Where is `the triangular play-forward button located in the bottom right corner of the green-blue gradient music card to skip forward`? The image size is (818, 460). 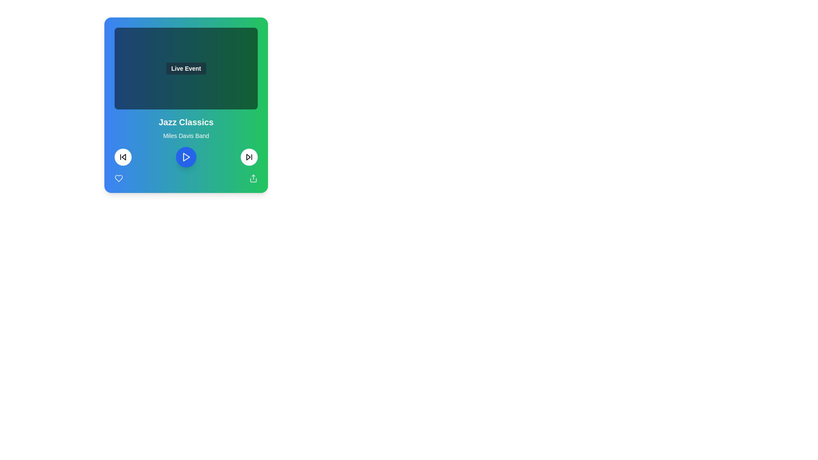 the triangular play-forward button located in the bottom right corner of the green-blue gradient music card to skip forward is located at coordinates (248, 157).